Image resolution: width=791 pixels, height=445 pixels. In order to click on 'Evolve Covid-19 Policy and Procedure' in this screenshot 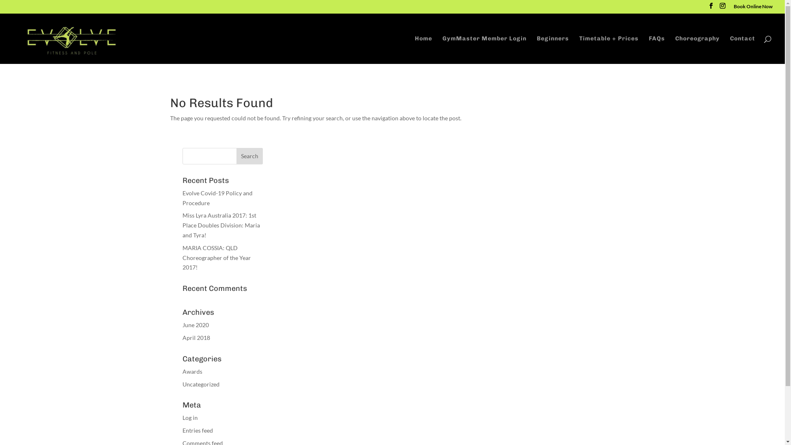, I will do `click(217, 198)`.